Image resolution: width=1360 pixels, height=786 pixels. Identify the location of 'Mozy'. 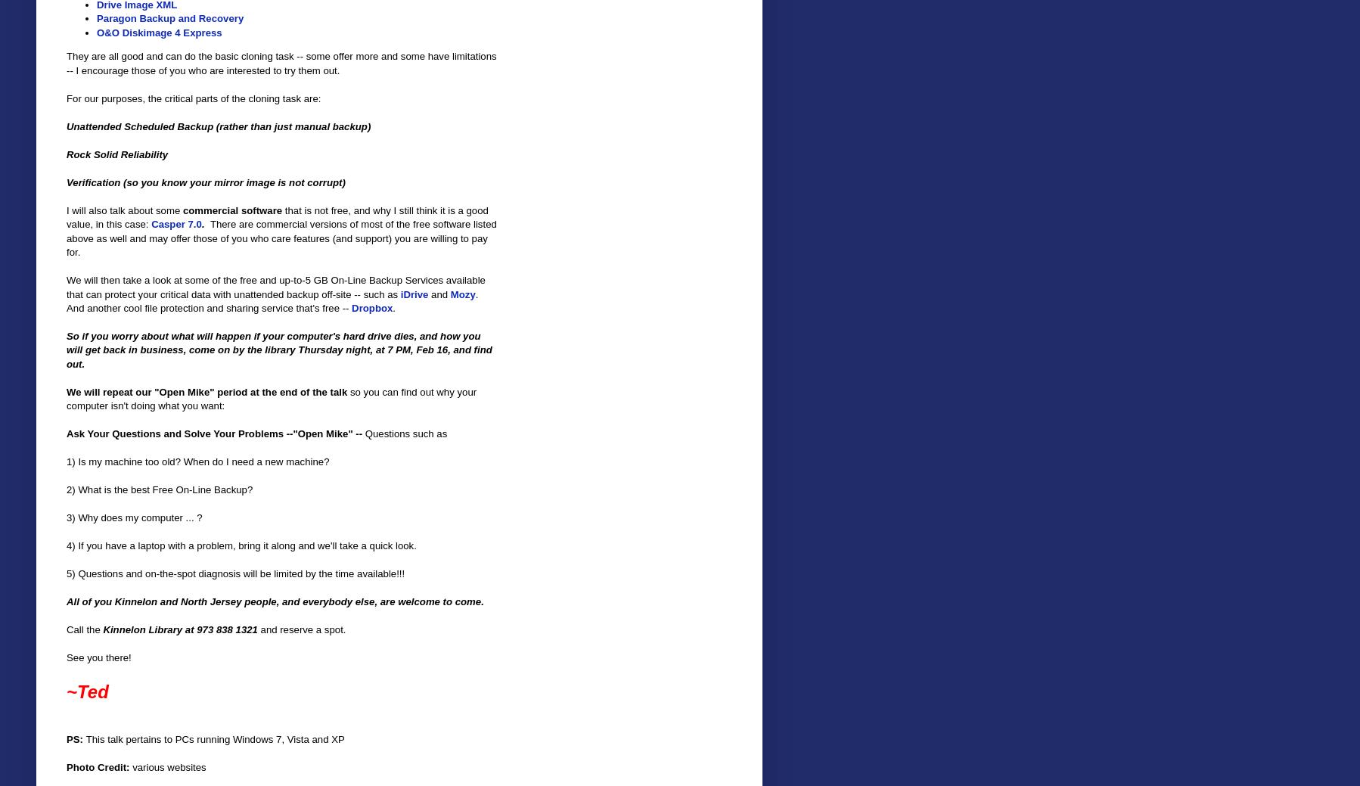
(461, 293).